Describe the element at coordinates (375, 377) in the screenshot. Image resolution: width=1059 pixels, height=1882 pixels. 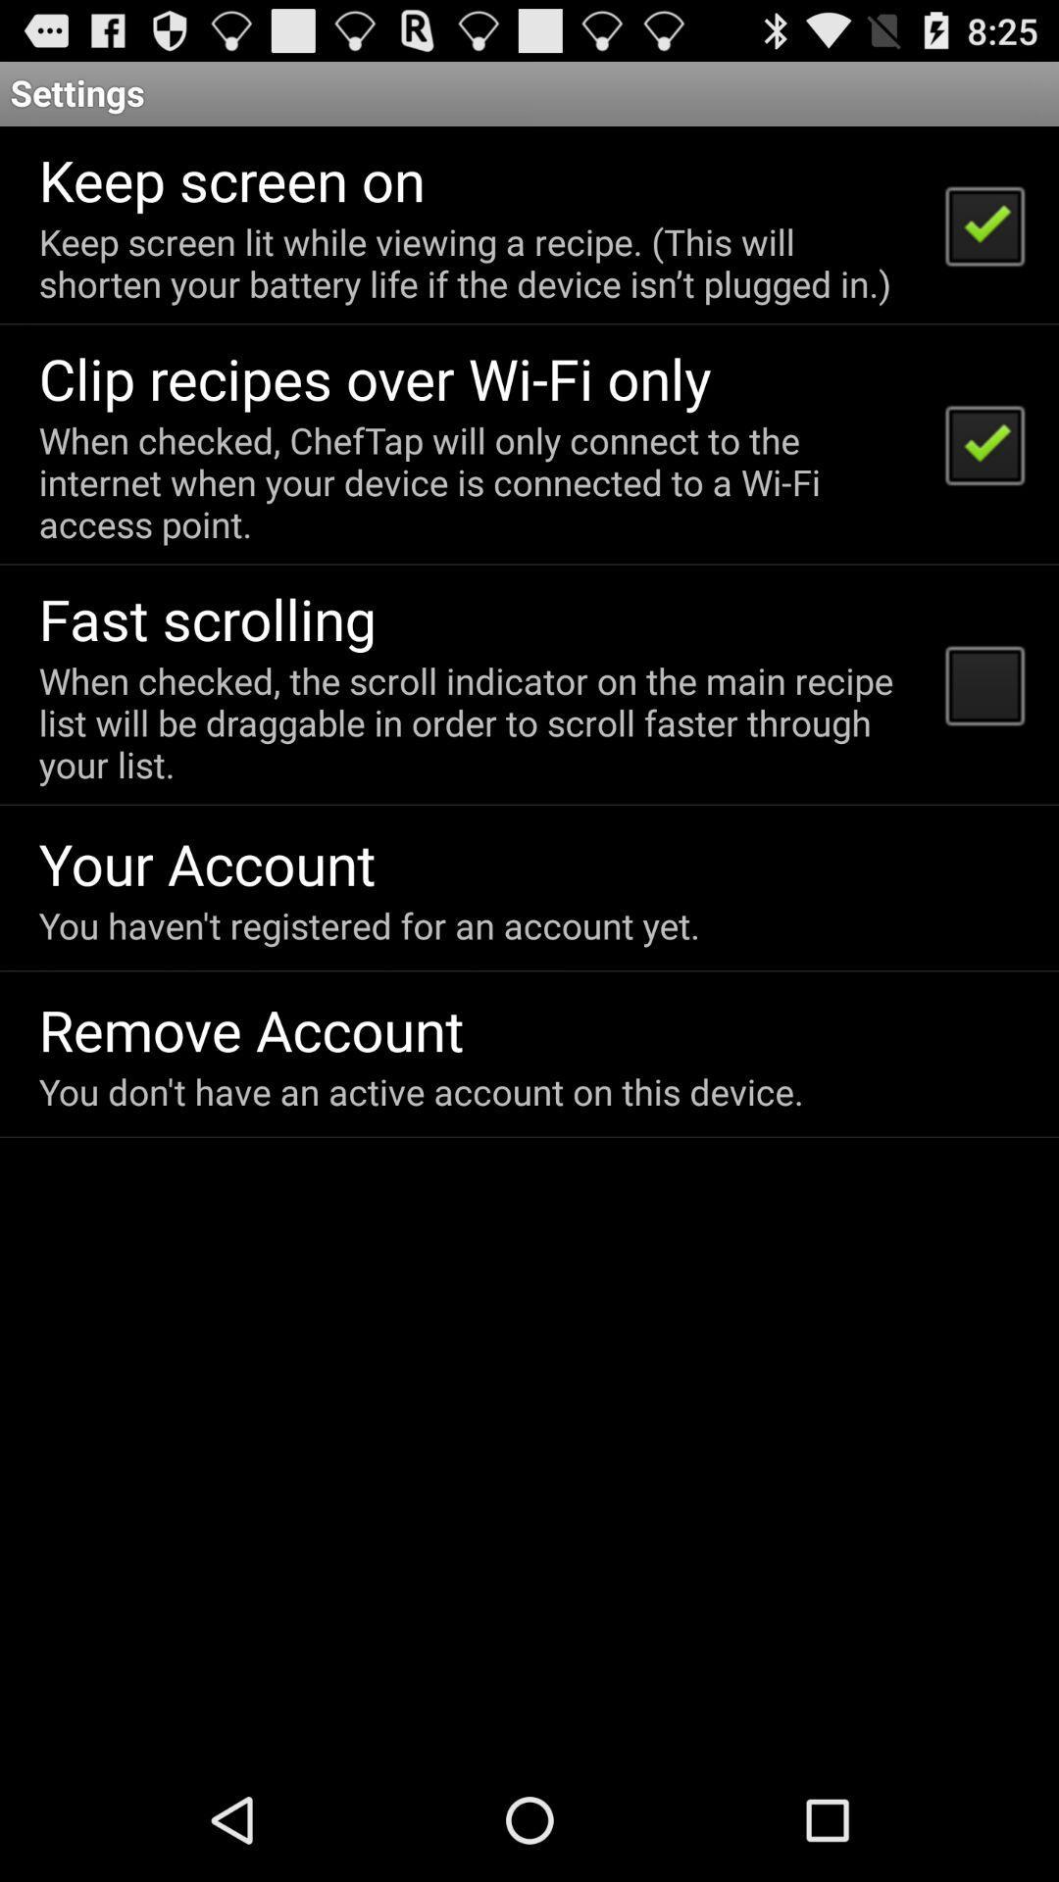
I see `the clip recipes over app` at that location.